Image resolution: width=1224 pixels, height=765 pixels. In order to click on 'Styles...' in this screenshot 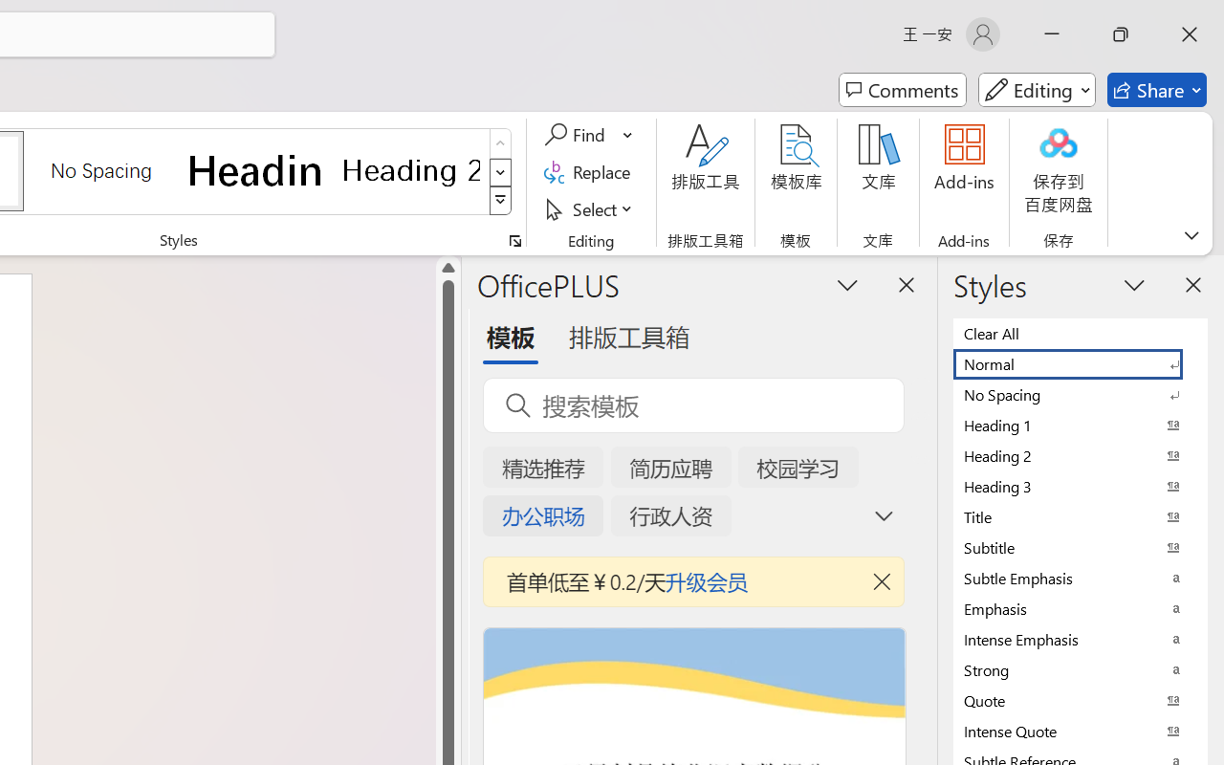, I will do `click(514, 240)`.